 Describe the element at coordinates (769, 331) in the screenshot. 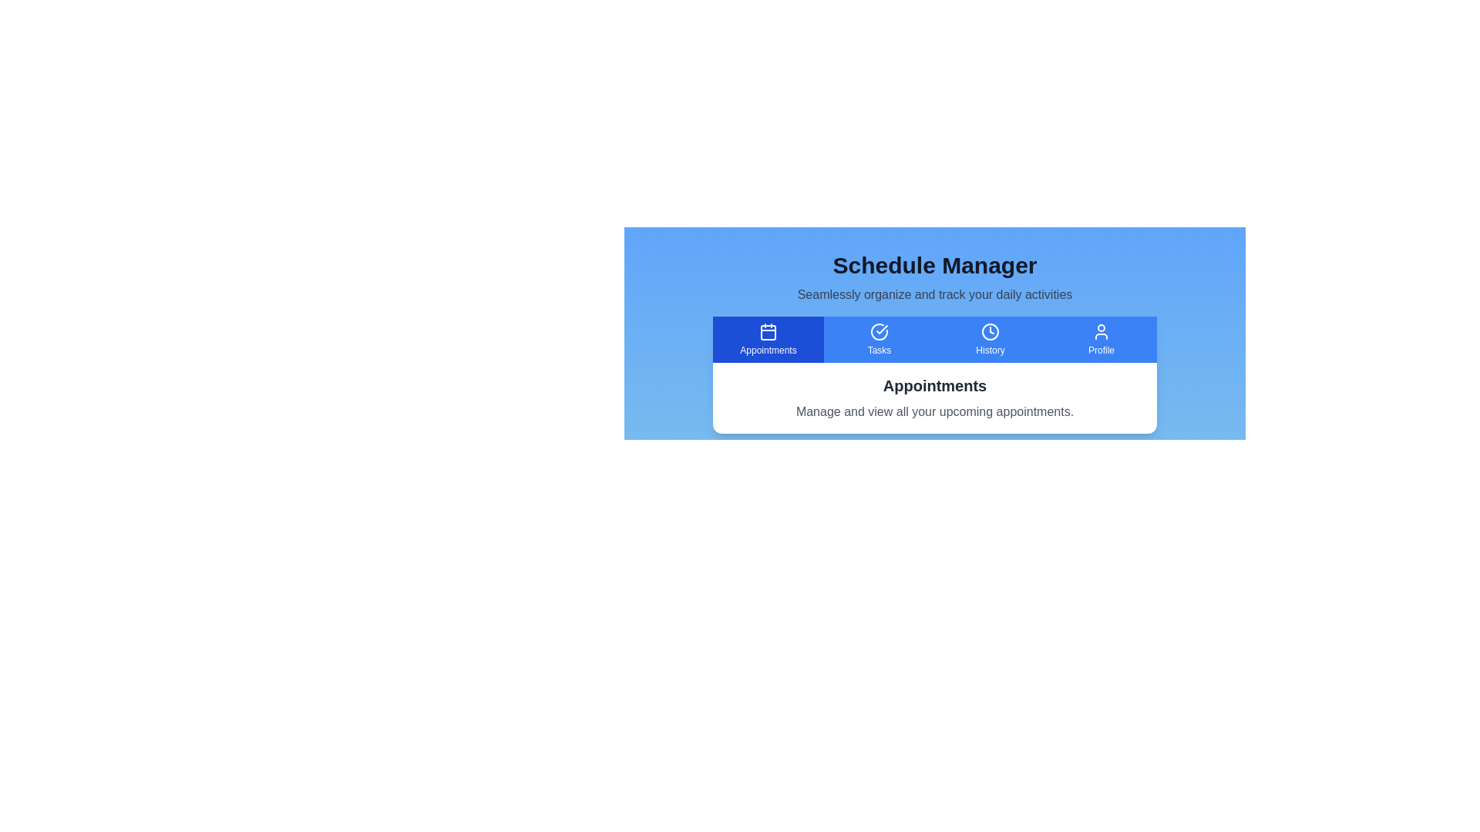

I see `the calendar icon located within the 'Appointments' button in the horizontal navigation bar, which features a square outline with rounded corners and two vertical markings at the top center, styled in white on a blue background` at that location.